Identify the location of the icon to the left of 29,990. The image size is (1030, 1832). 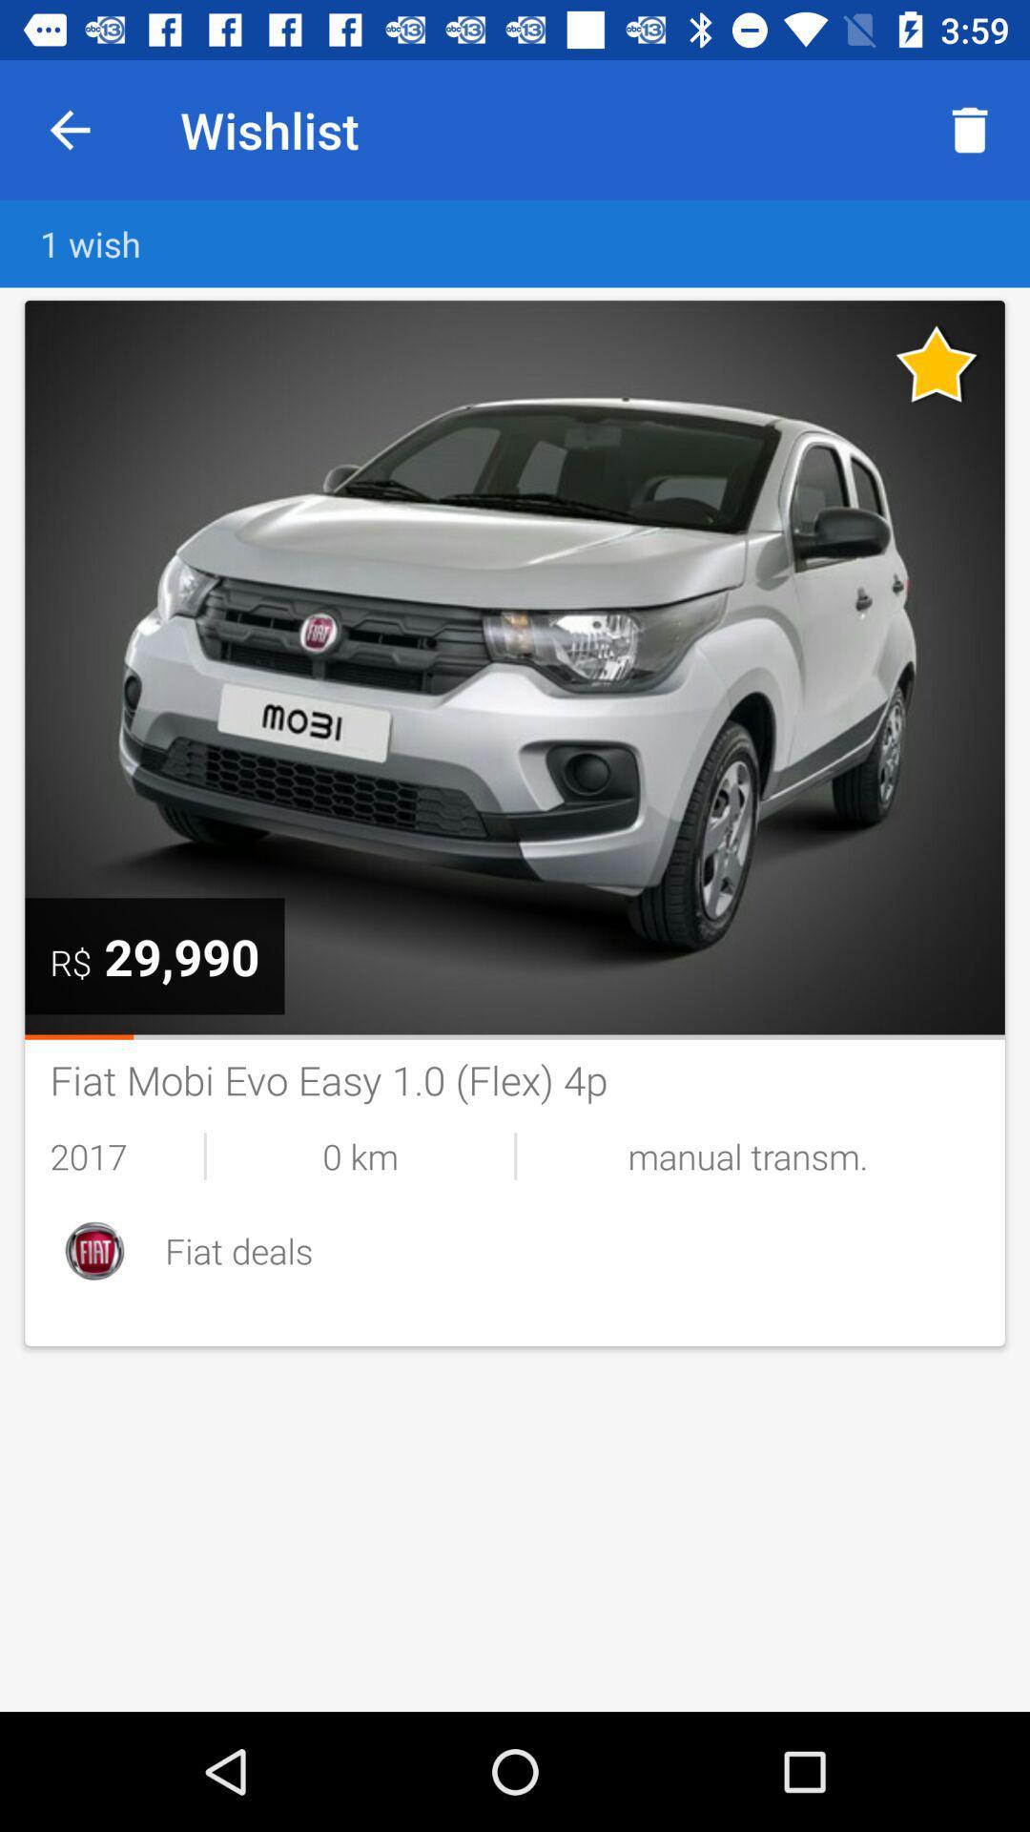
(70, 962).